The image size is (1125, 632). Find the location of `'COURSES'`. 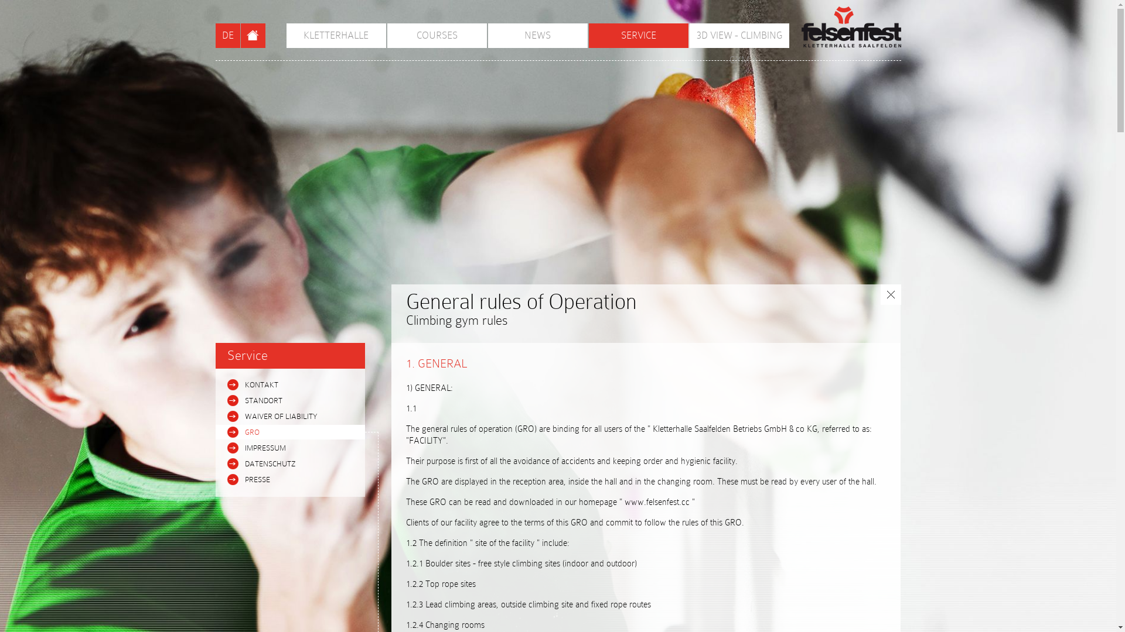

'COURSES' is located at coordinates (387, 35).